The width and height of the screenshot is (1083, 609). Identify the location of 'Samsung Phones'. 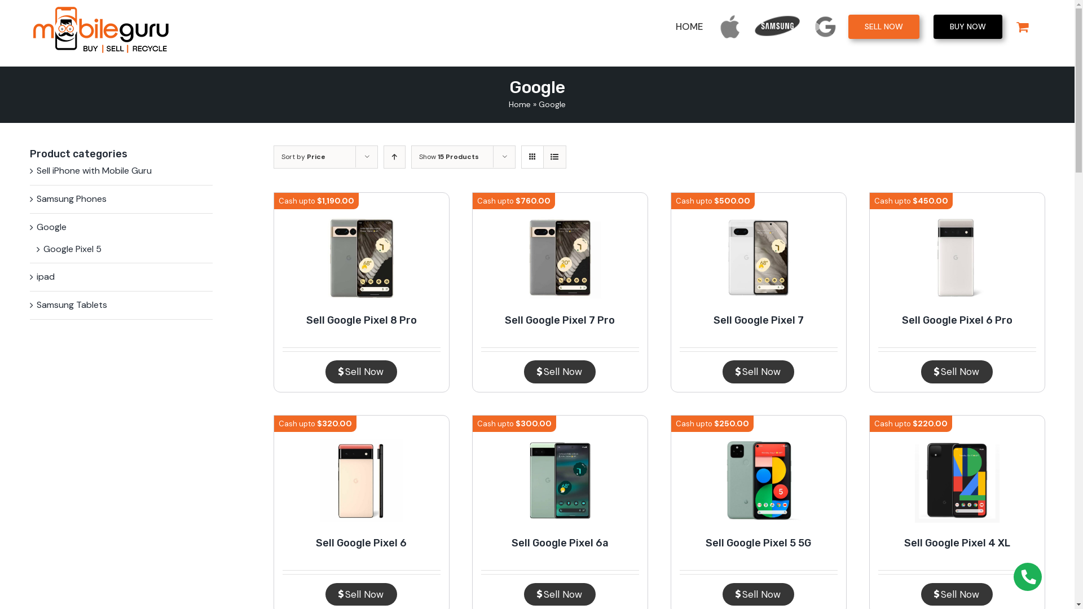
(70, 198).